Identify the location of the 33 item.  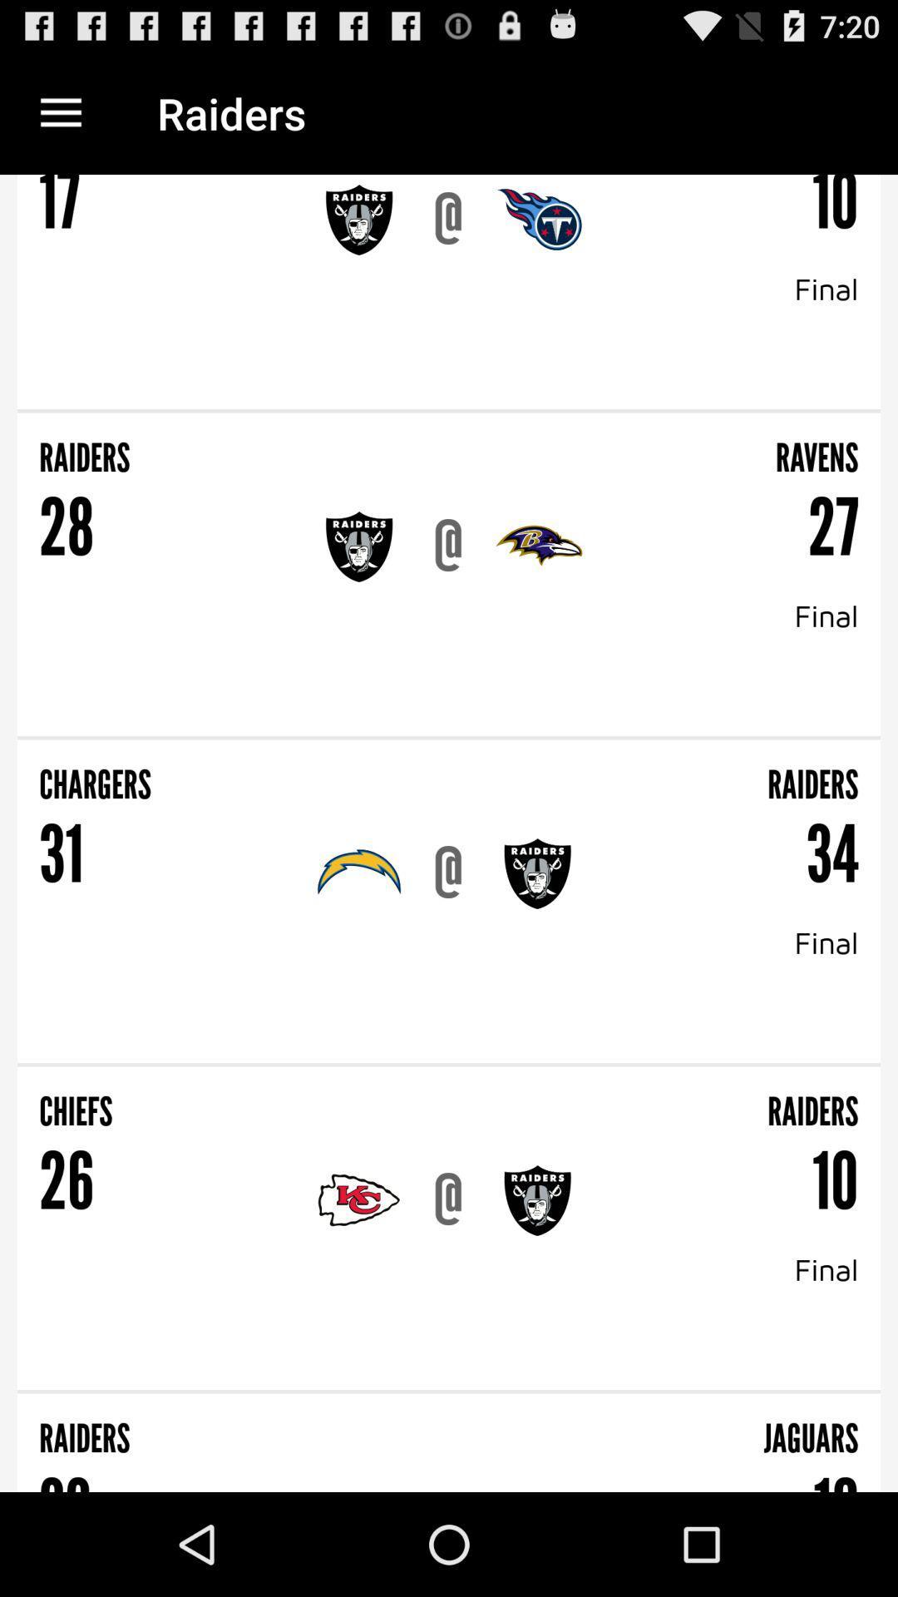
(64, 1477).